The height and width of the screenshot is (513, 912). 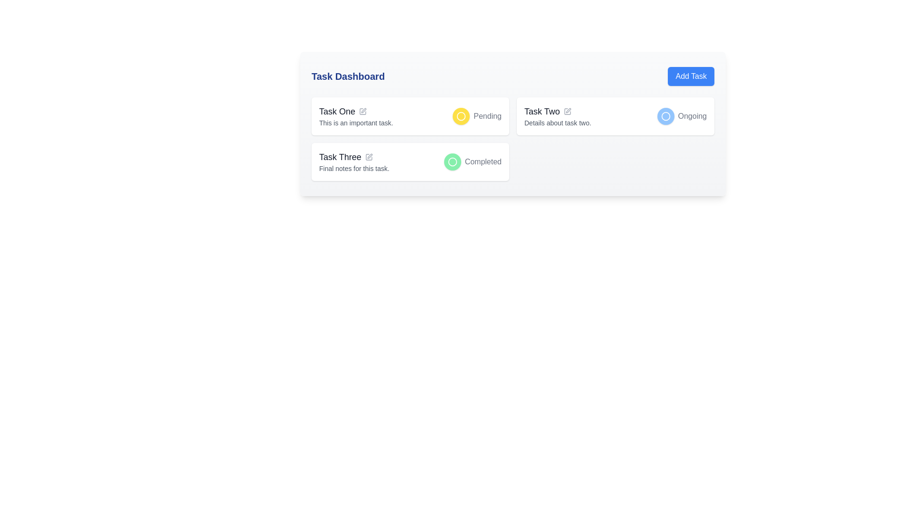 What do you see at coordinates (353, 161) in the screenshot?
I see `the text display element that shows 'Task Three' with a pen icon and the description 'Final notes for this task.'` at bounding box center [353, 161].